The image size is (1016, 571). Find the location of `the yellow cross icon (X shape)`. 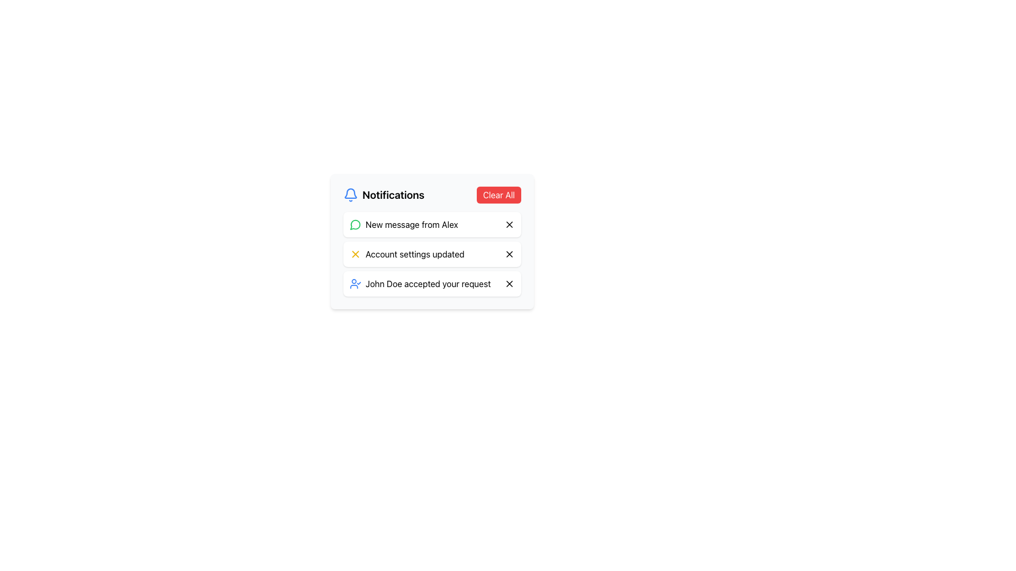

the yellow cross icon (X shape) is located at coordinates (356, 254).